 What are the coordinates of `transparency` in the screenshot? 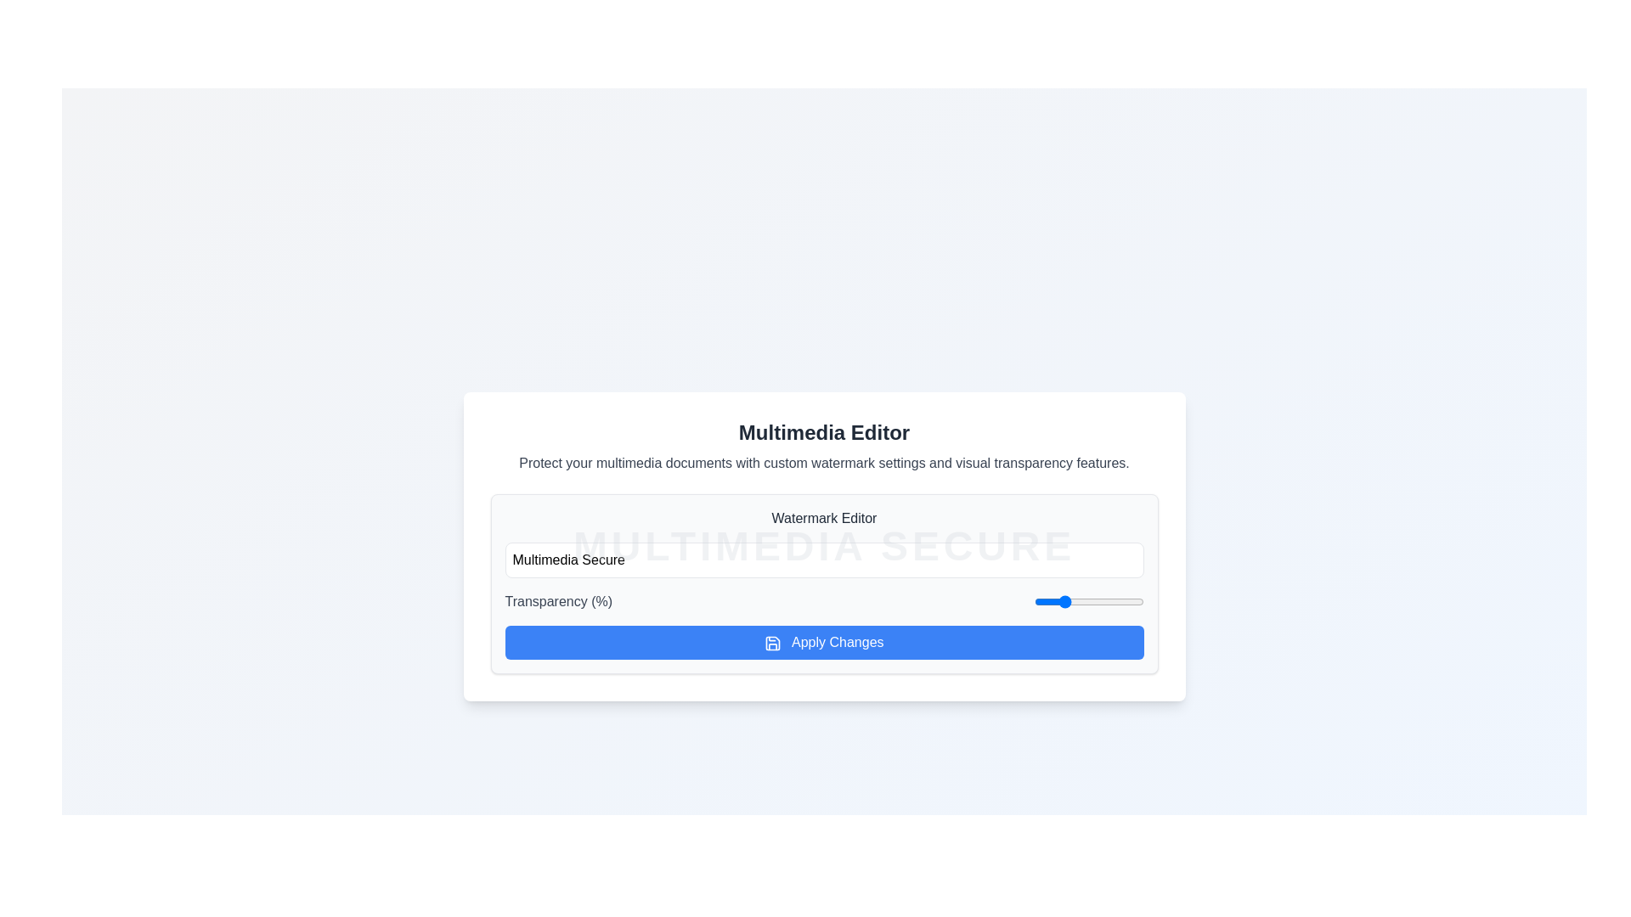 It's located at (1053, 601).